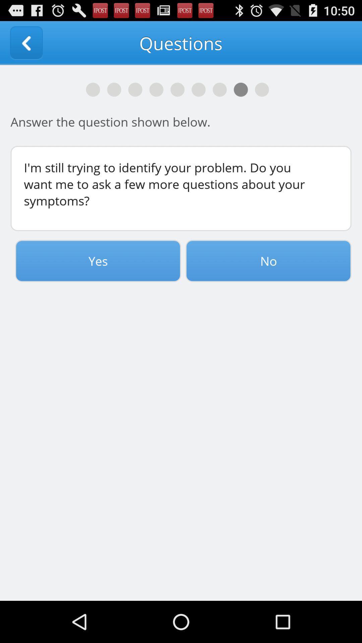 This screenshot has height=643, width=362. Describe the element at coordinates (26, 43) in the screenshot. I see `item to the left of the questions app` at that location.